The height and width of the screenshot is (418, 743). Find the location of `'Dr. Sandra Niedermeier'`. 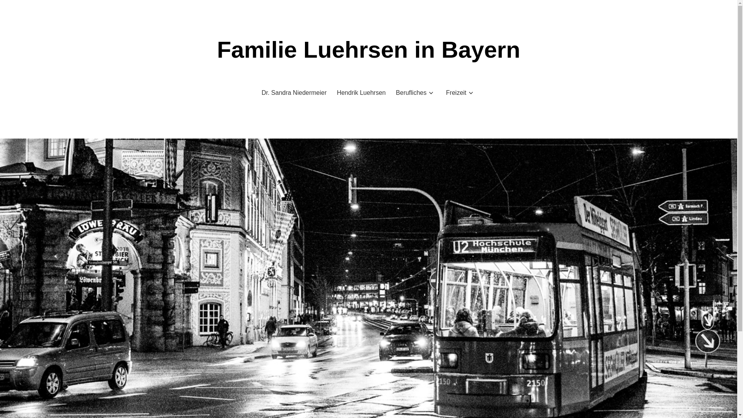

'Dr. Sandra Niedermeier' is located at coordinates (293, 92).